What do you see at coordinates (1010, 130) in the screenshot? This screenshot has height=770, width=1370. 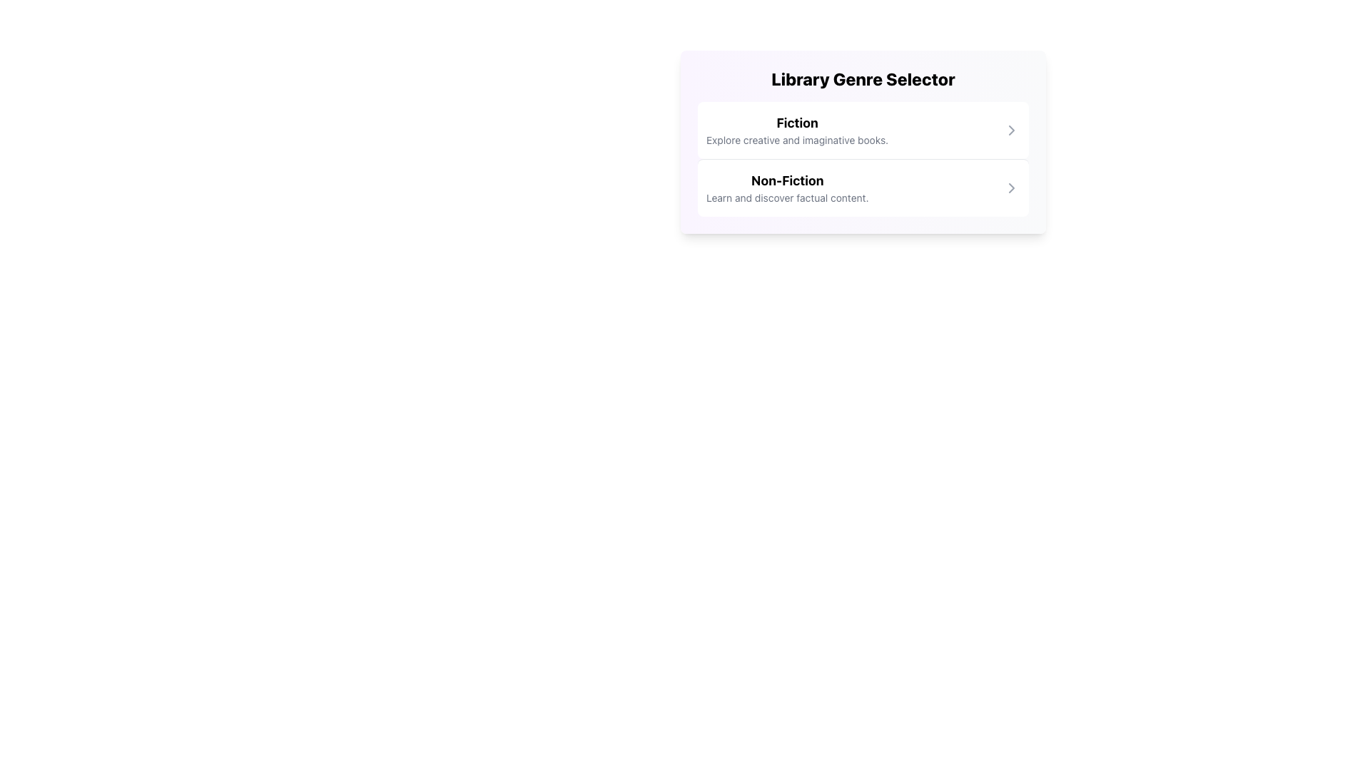 I see `the small chevron icon pointing right, located next to the 'Fiction' option` at bounding box center [1010, 130].